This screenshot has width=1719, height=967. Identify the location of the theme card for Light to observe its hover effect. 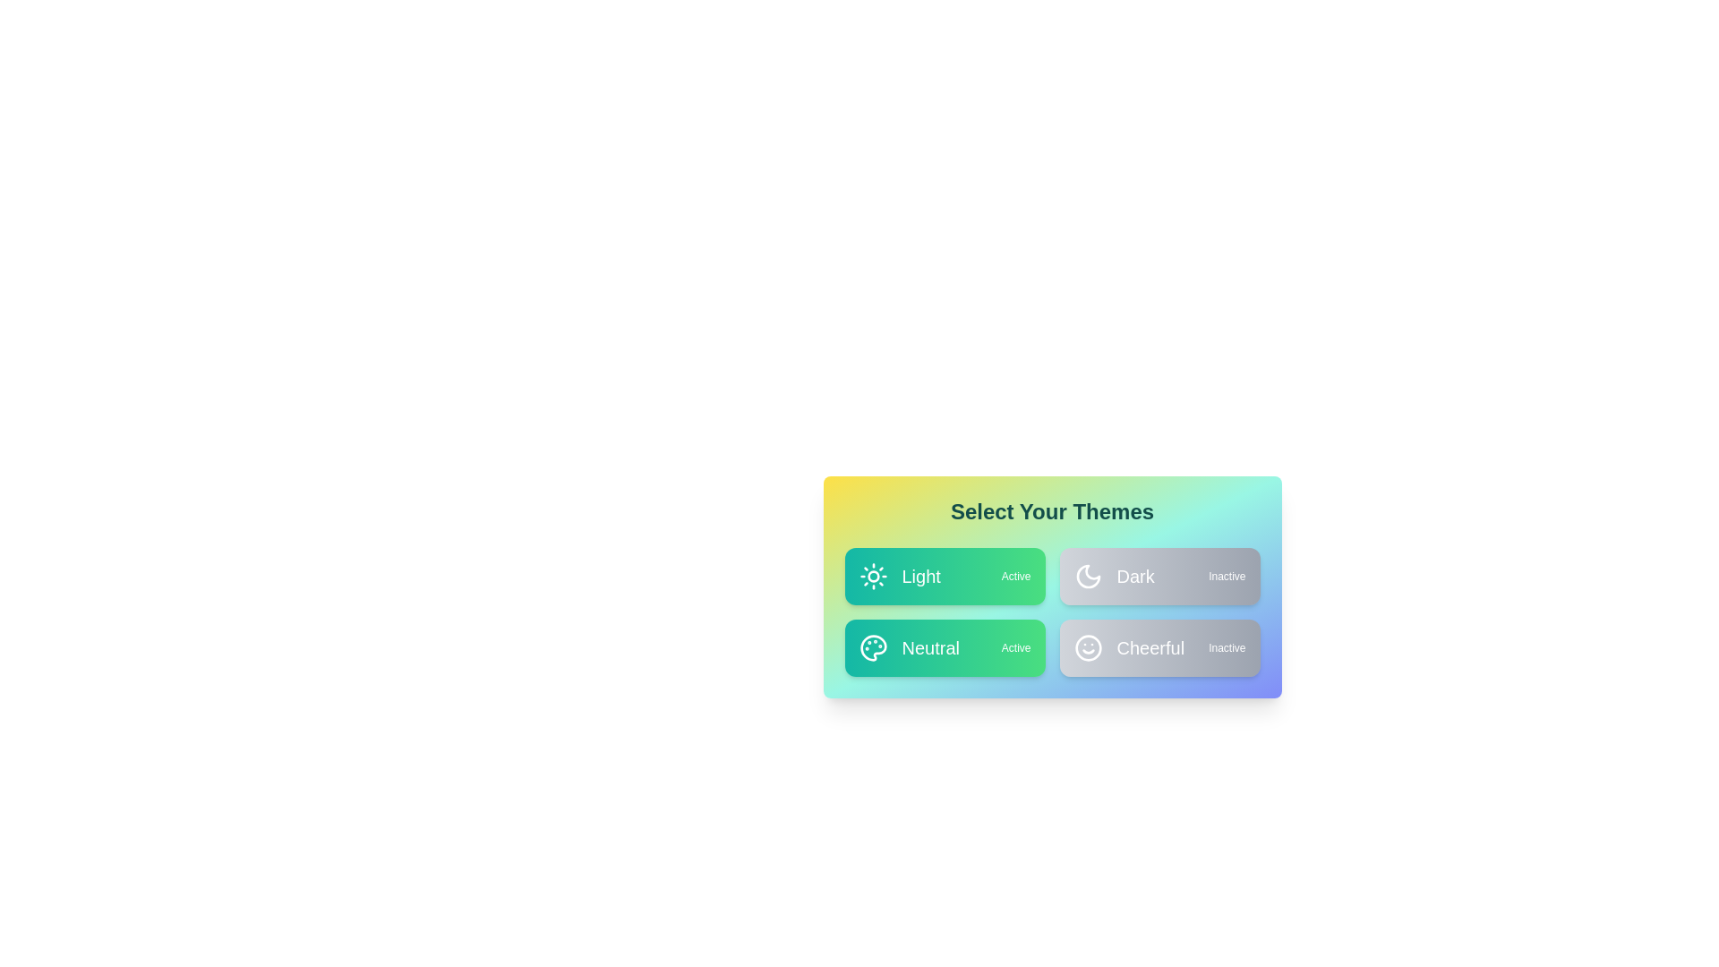
(944, 577).